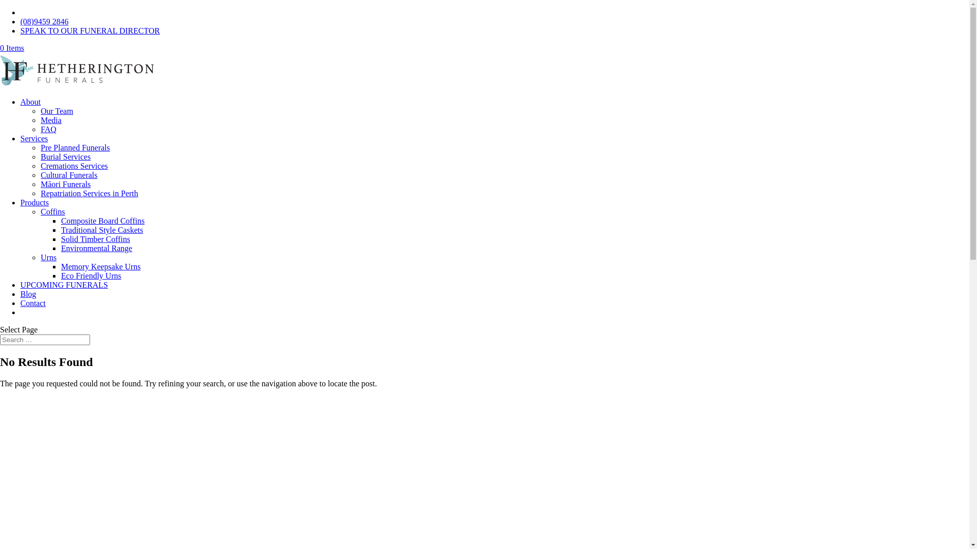  Describe the element at coordinates (75, 147) in the screenshot. I see `'Pre Planned Funerals'` at that location.